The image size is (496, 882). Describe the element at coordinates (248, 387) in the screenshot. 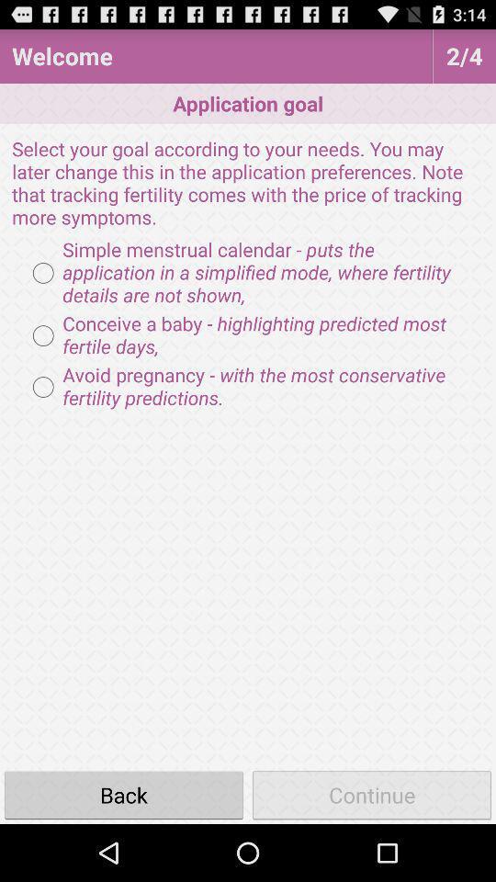

I see `the icon below conceive a baby item` at that location.